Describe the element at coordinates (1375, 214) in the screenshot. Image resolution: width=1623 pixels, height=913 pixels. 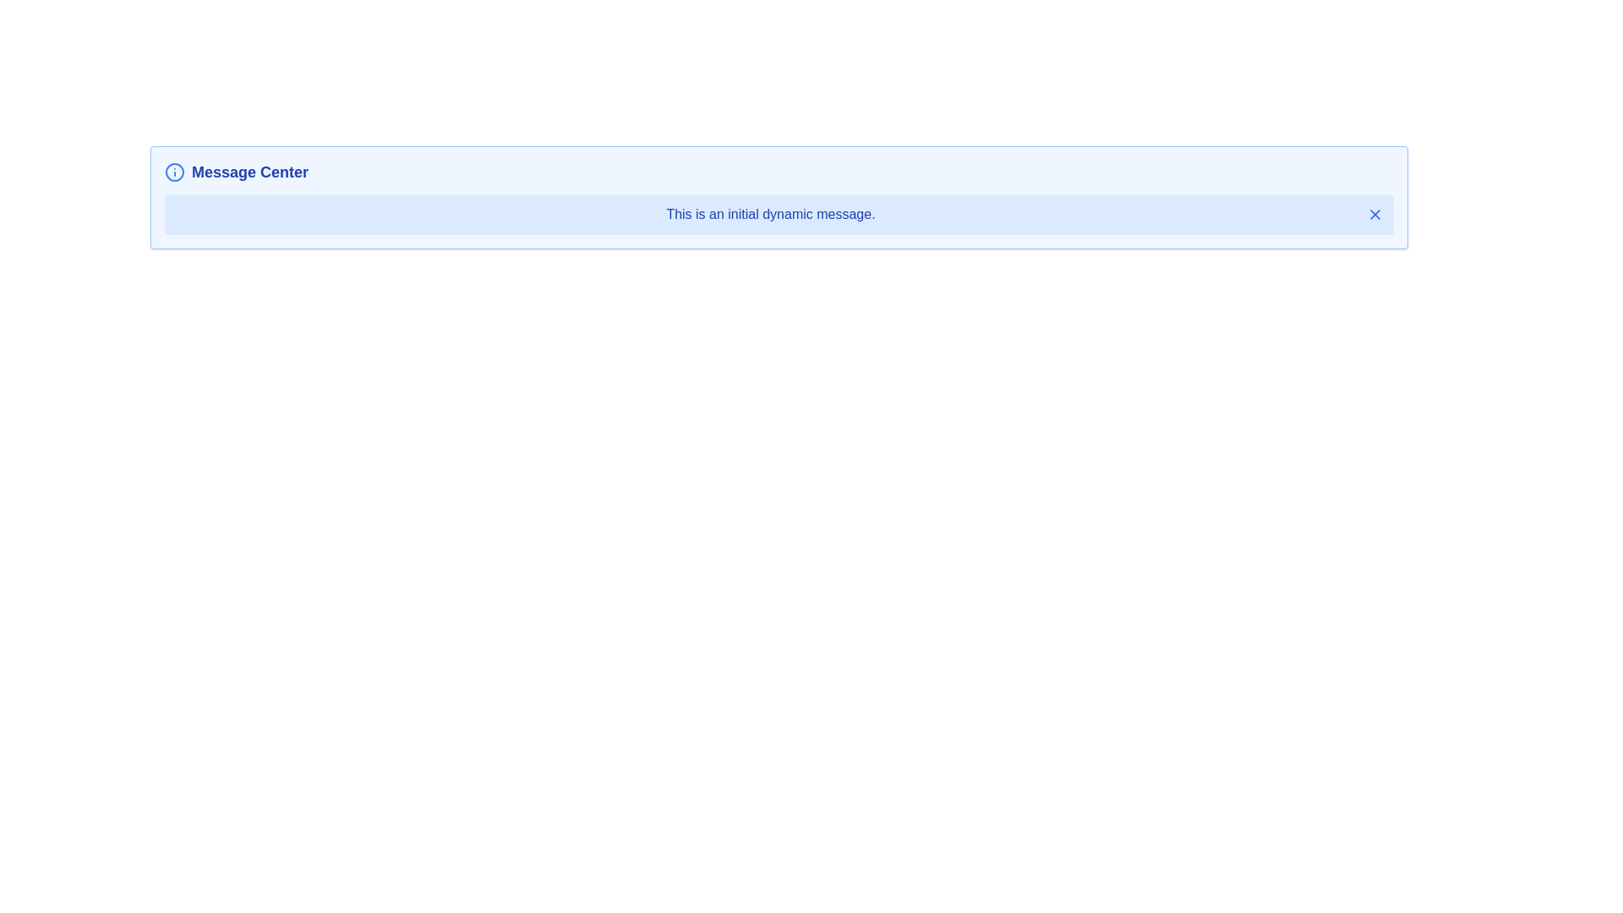
I see `the dismiss button on the right side of the message box` at that location.